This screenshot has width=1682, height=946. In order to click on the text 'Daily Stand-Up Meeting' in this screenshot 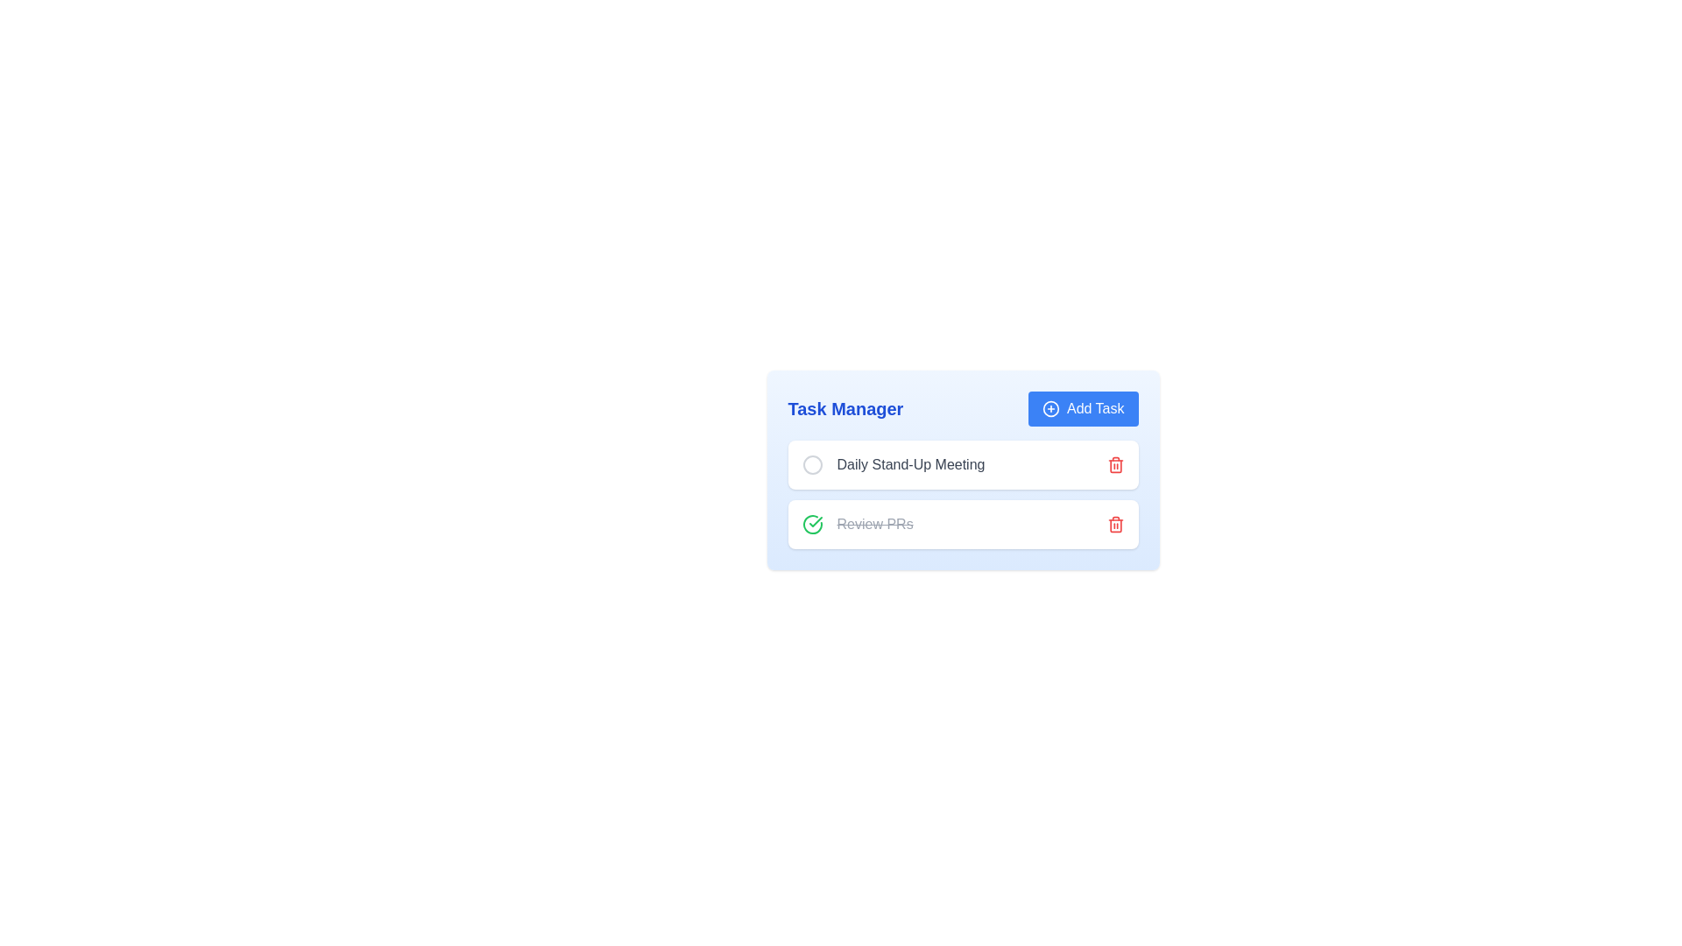, I will do `click(962, 464)`.